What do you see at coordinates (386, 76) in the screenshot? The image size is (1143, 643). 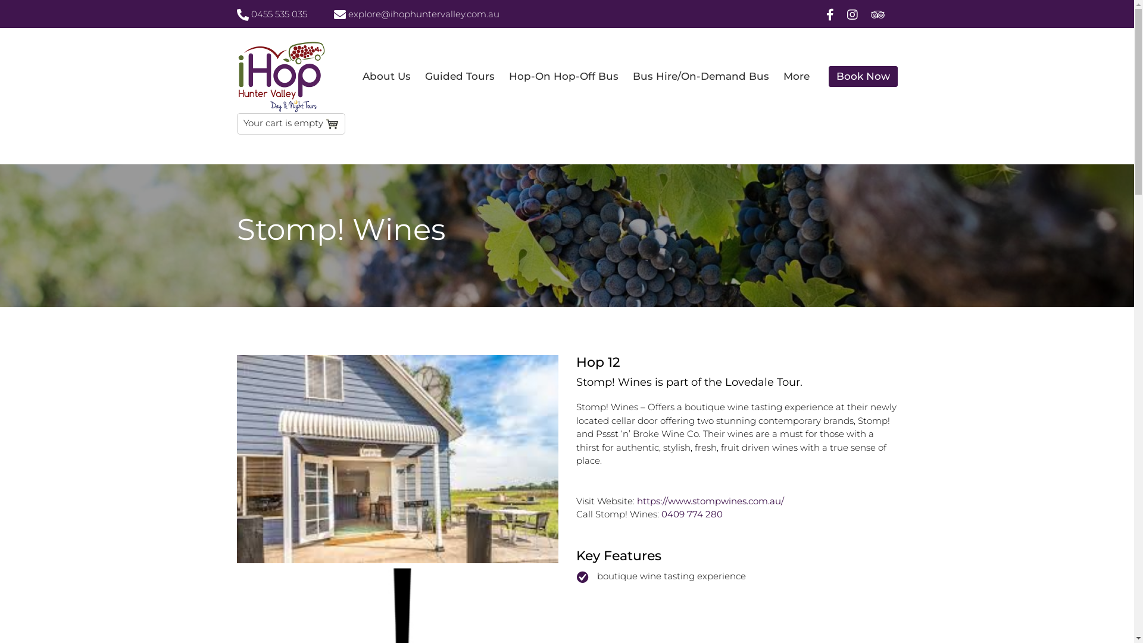 I see `'About Us'` at bounding box center [386, 76].